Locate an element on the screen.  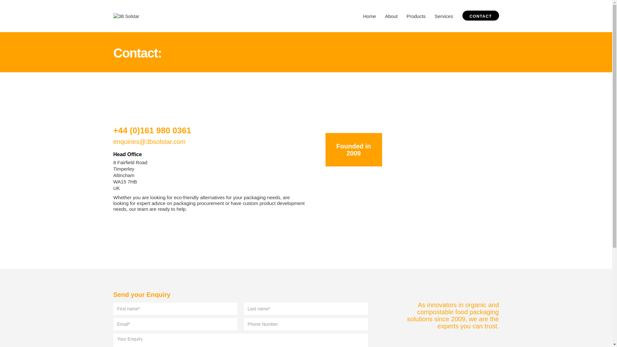
'Products' is located at coordinates (416, 16).